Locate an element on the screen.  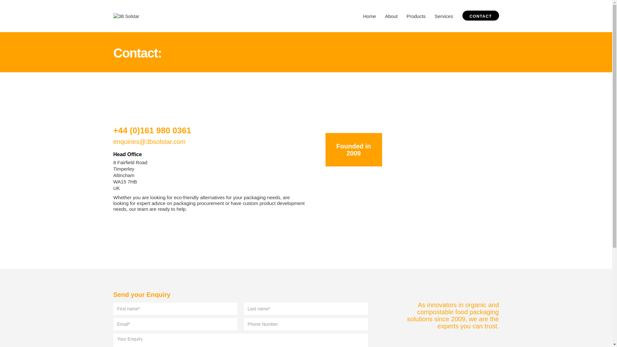
'Products' is located at coordinates (416, 16).